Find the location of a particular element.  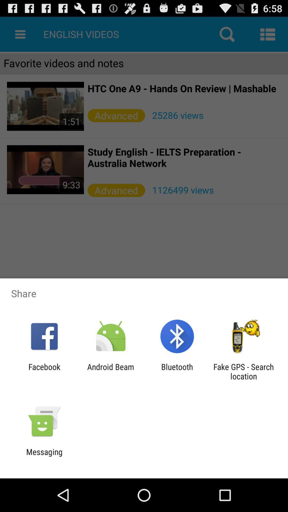

app to the right of the facebook icon is located at coordinates (110, 371).